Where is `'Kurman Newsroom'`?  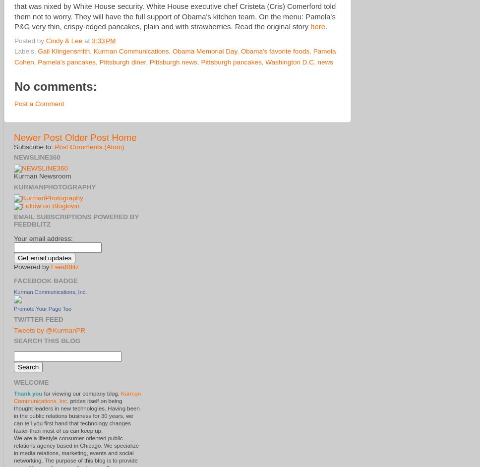 'Kurman Newsroom' is located at coordinates (42, 175).